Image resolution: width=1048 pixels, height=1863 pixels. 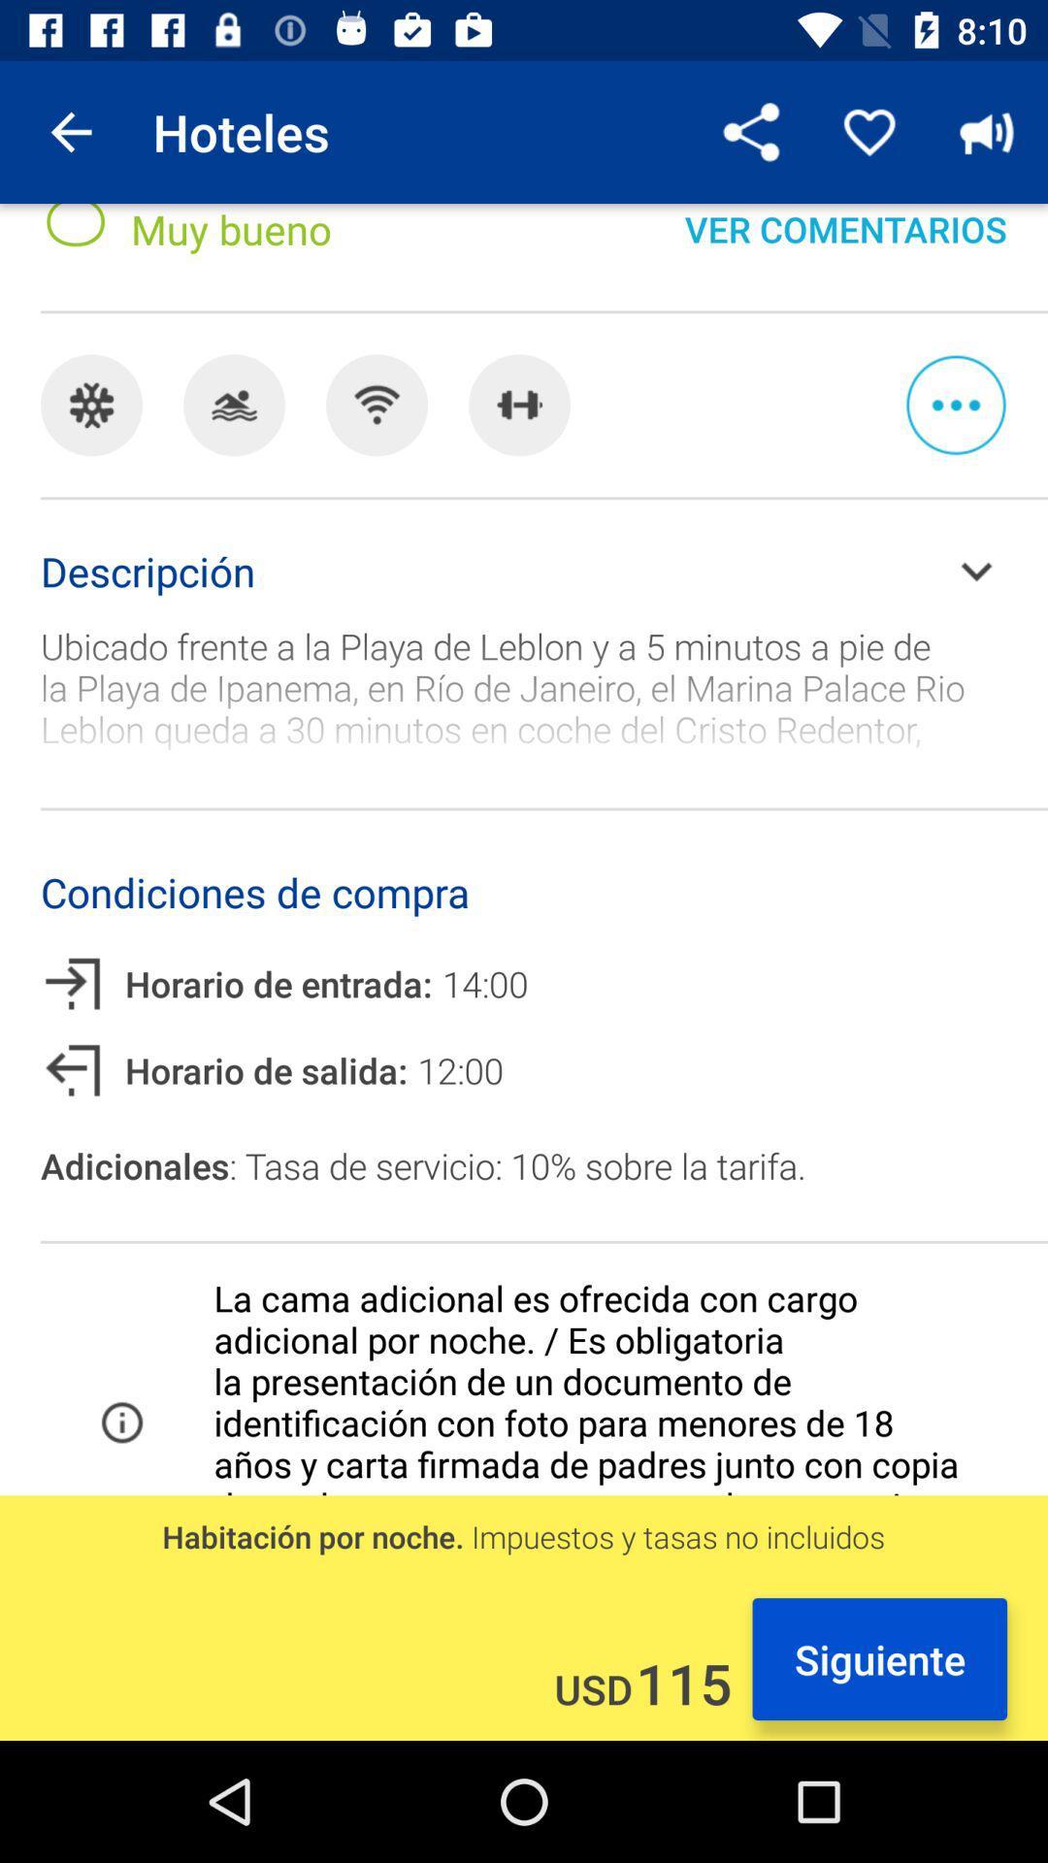 What do you see at coordinates (70, 131) in the screenshot?
I see `the icon above 8` at bounding box center [70, 131].